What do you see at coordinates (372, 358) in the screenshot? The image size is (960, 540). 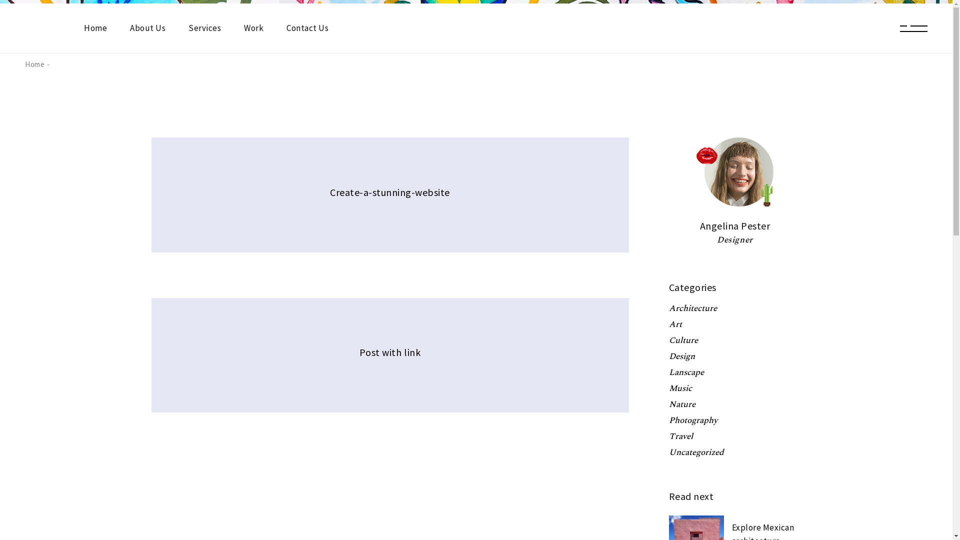 I see `'Home'` at bounding box center [372, 358].